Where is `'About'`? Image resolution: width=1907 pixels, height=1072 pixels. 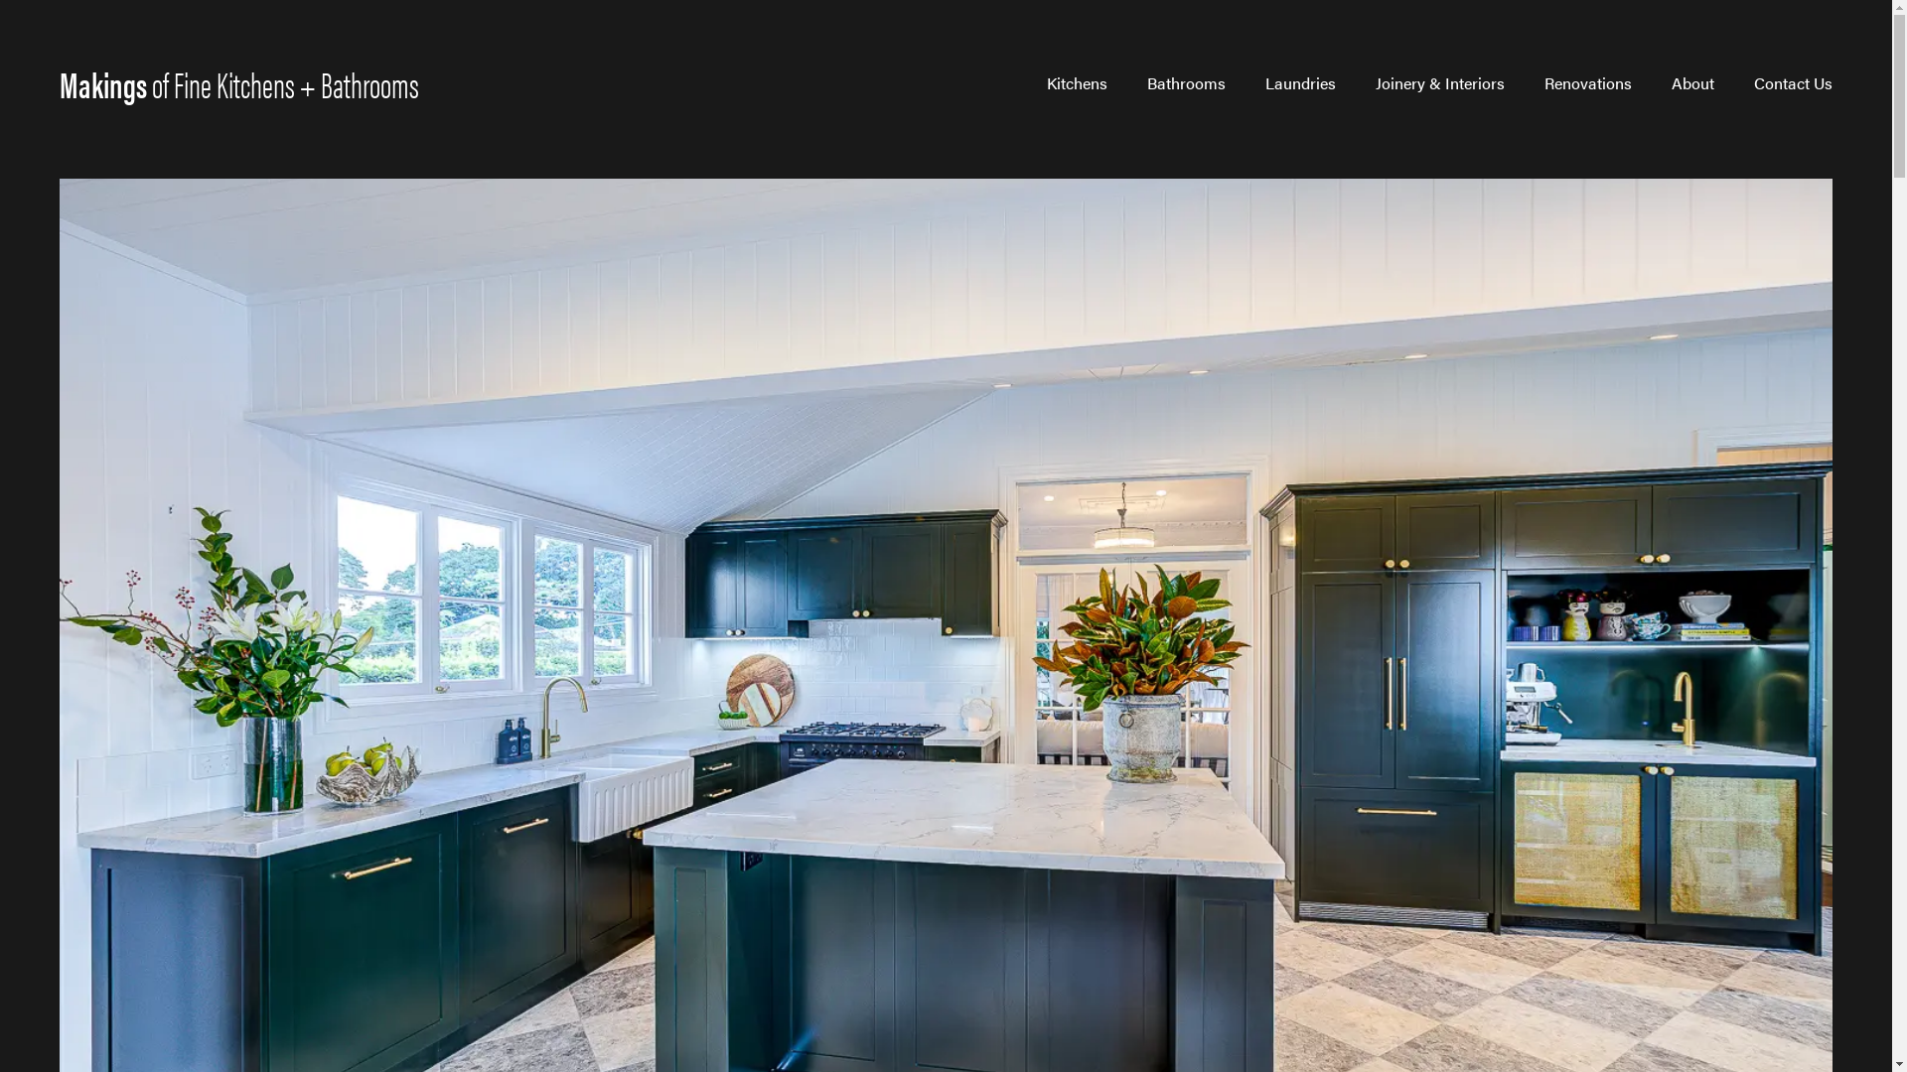
'About' is located at coordinates (1691, 82).